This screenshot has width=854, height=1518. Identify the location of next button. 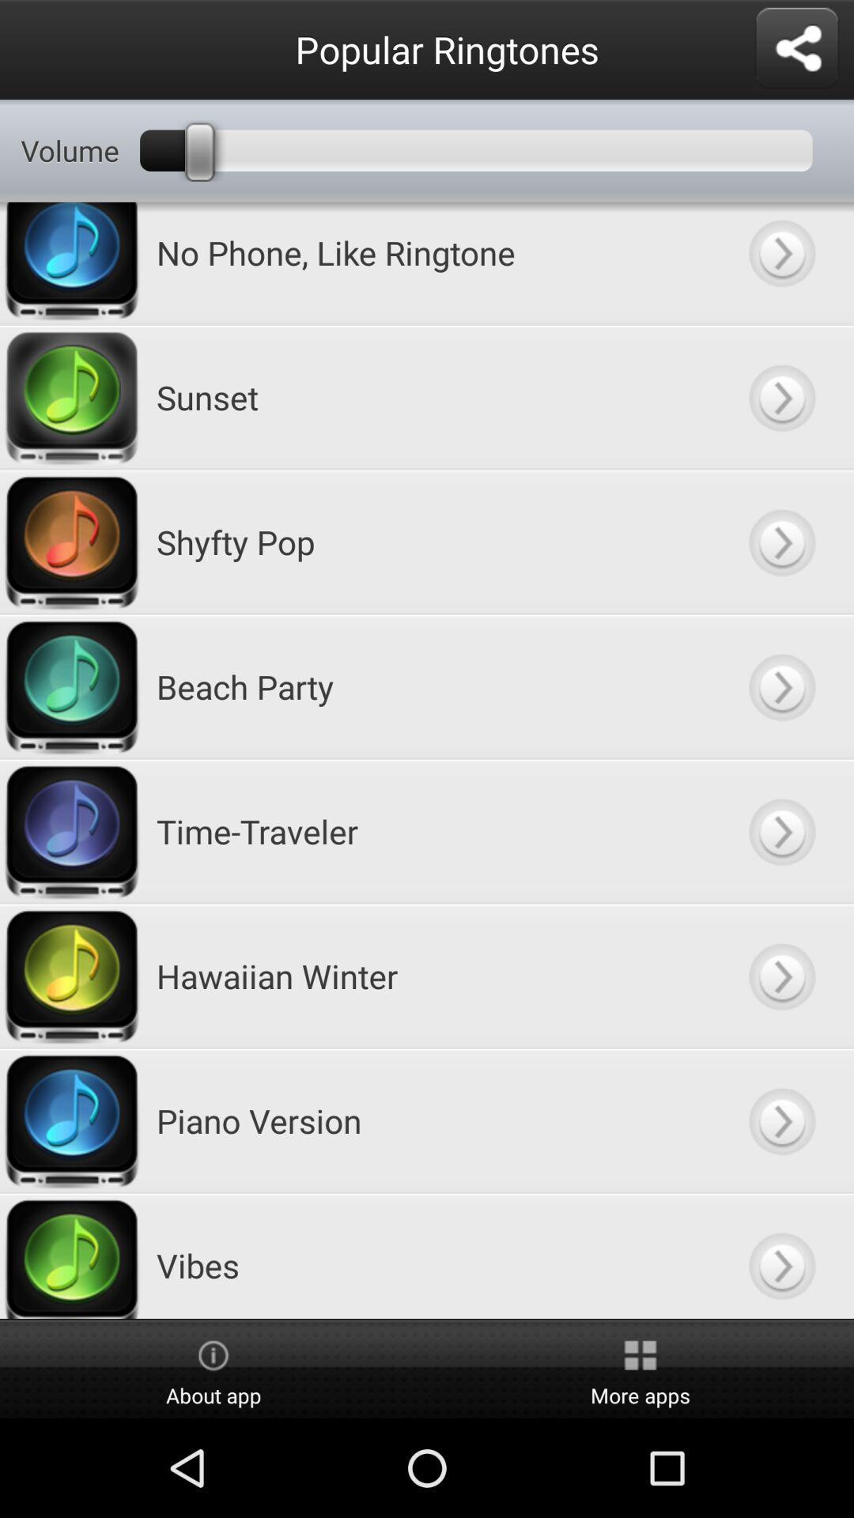
(780, 975).